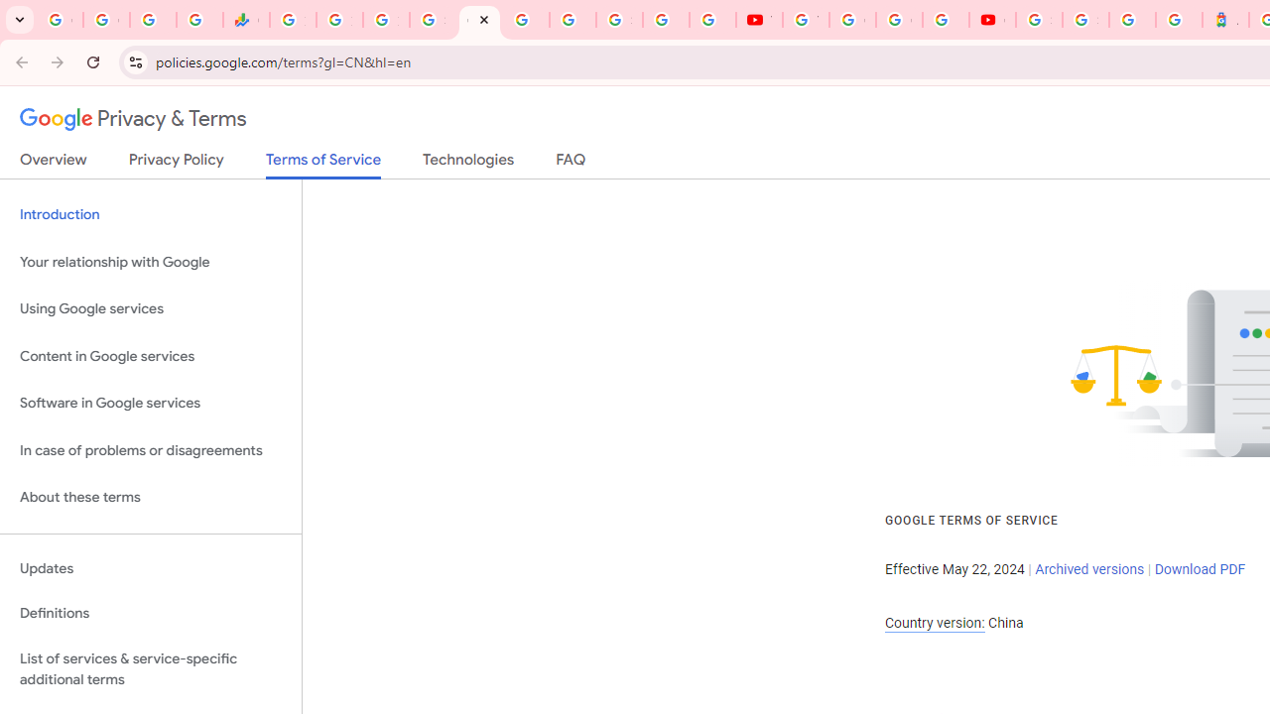 This screenshot has height=714, width=1270. Describe the element at coordinates (992, 20) in the screenshot. I see `'Content Creator Programs & Opportunities - YouTube Creators'` at that location.